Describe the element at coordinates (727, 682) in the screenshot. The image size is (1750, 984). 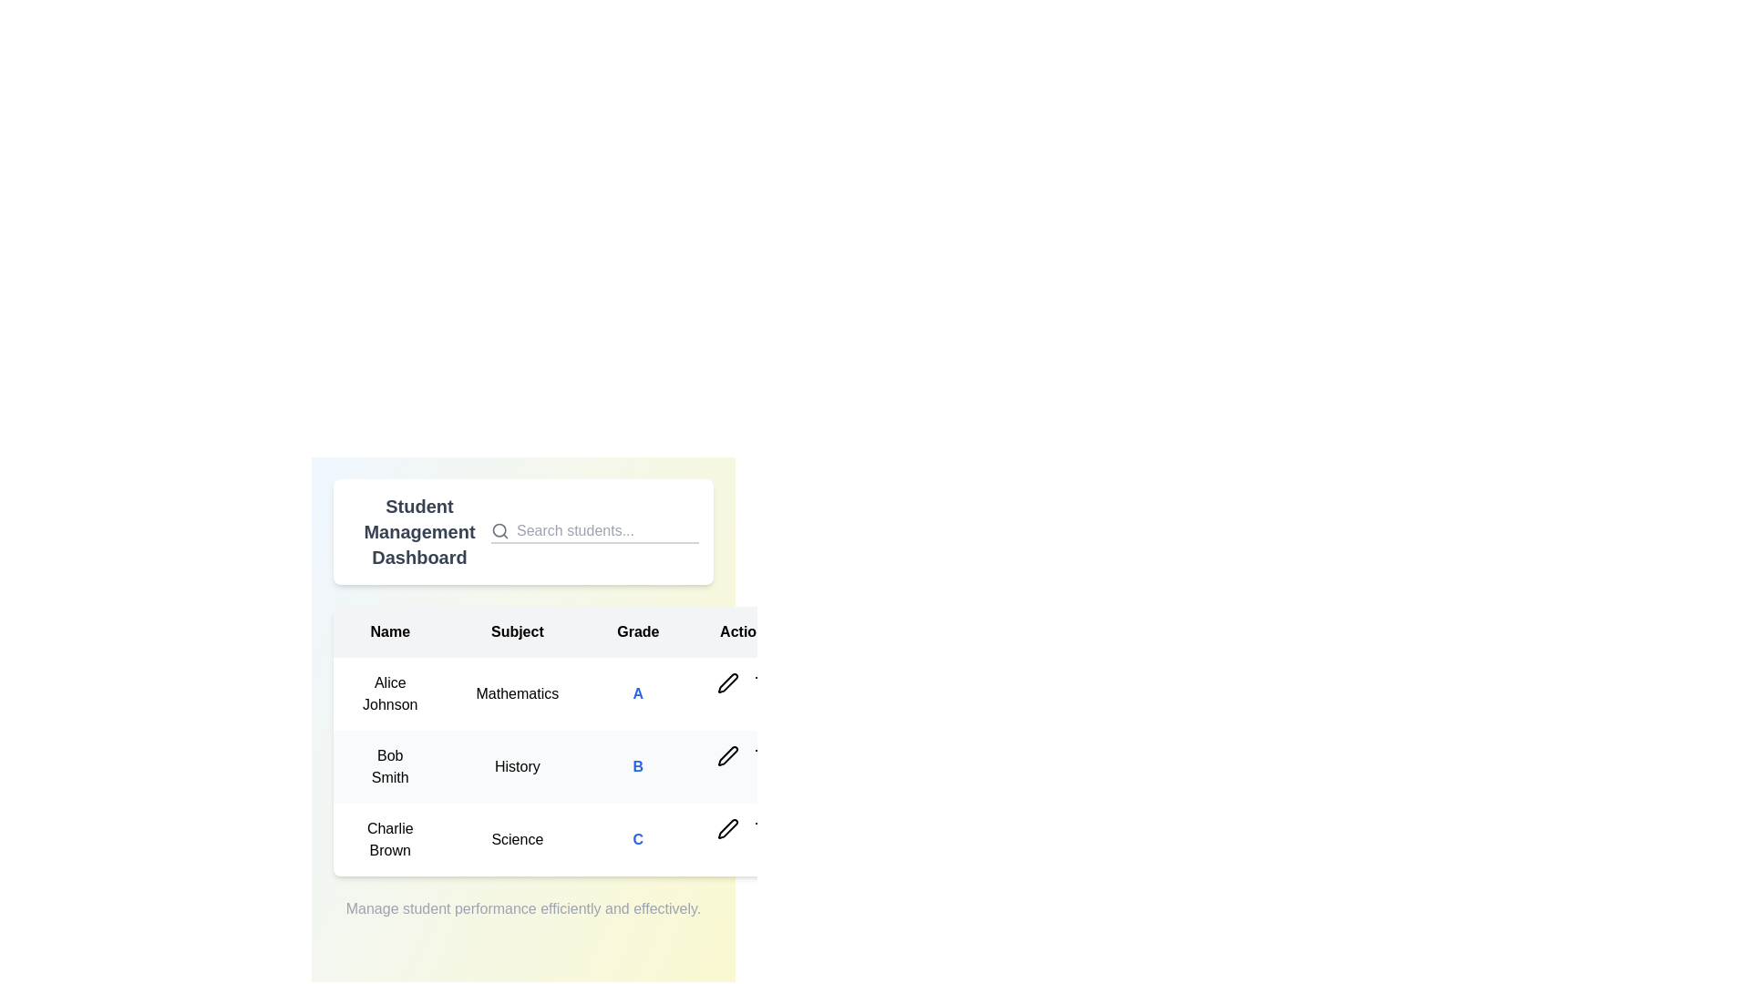
I see `the 'Edit' IconButton located in the first row of the 'Actions' column to initiate editing` at that location.